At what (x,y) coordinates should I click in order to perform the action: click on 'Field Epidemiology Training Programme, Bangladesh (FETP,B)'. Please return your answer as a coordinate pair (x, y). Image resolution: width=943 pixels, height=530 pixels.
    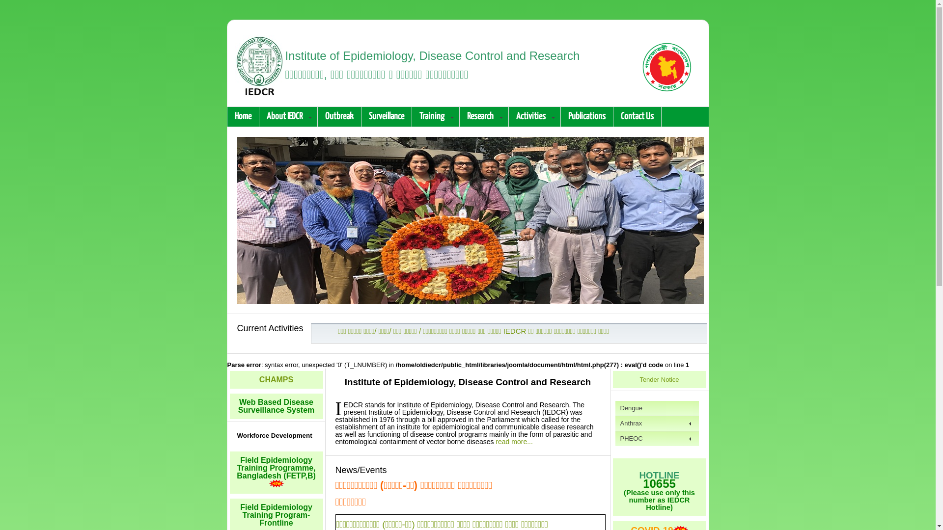
    Looking at the image, I should click on (276, 472).